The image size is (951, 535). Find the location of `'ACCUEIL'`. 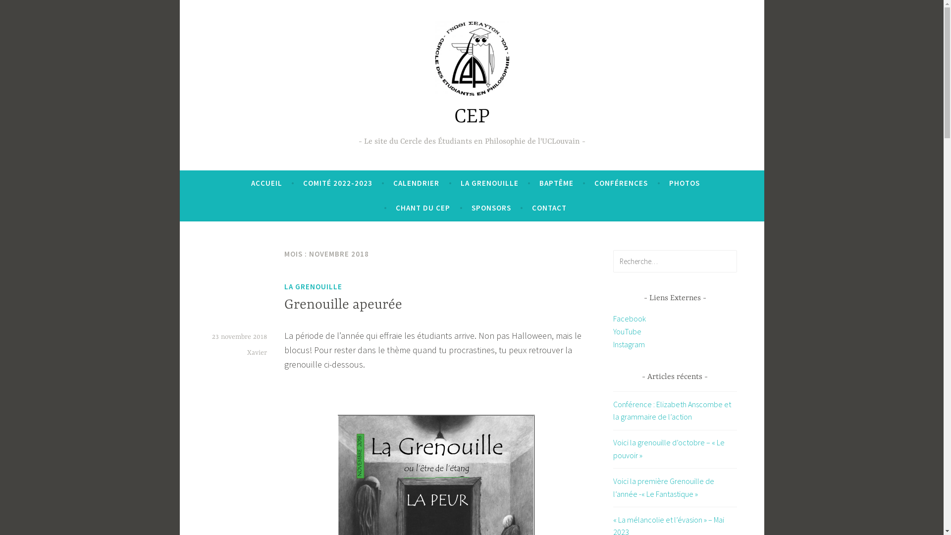

'ACCUEIL' is located at coordinates (266, 183).